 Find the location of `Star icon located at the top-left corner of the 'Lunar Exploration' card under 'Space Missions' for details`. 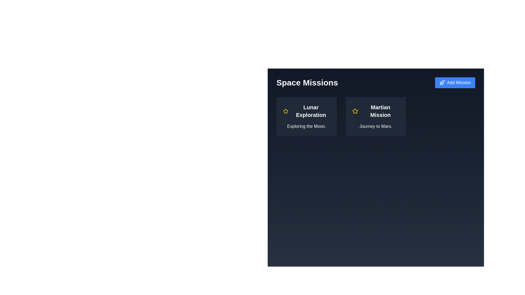

Star icon located at the top-left corner of the 'Lunar Exploration' card under 'Space Missions' for details is located at coordinates (285, 111).